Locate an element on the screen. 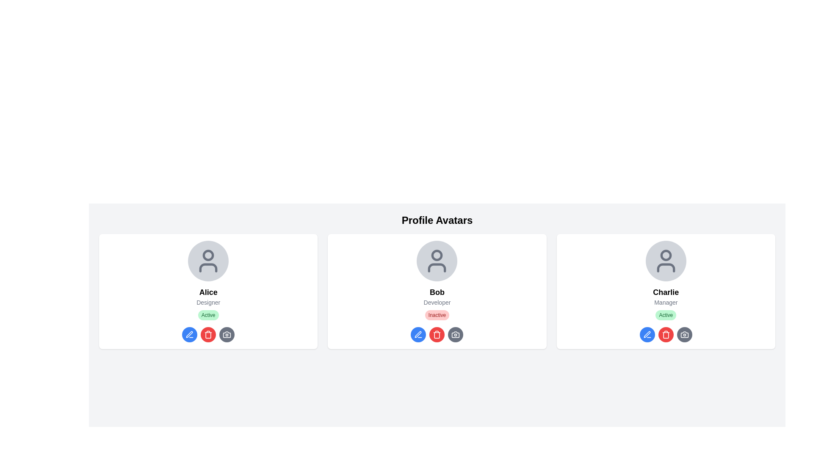  the user profile icon, which is a gray outline of a head and shoulders centered within a circular gray background, located at the top of the user profile card is located at coordinates (208, 261).